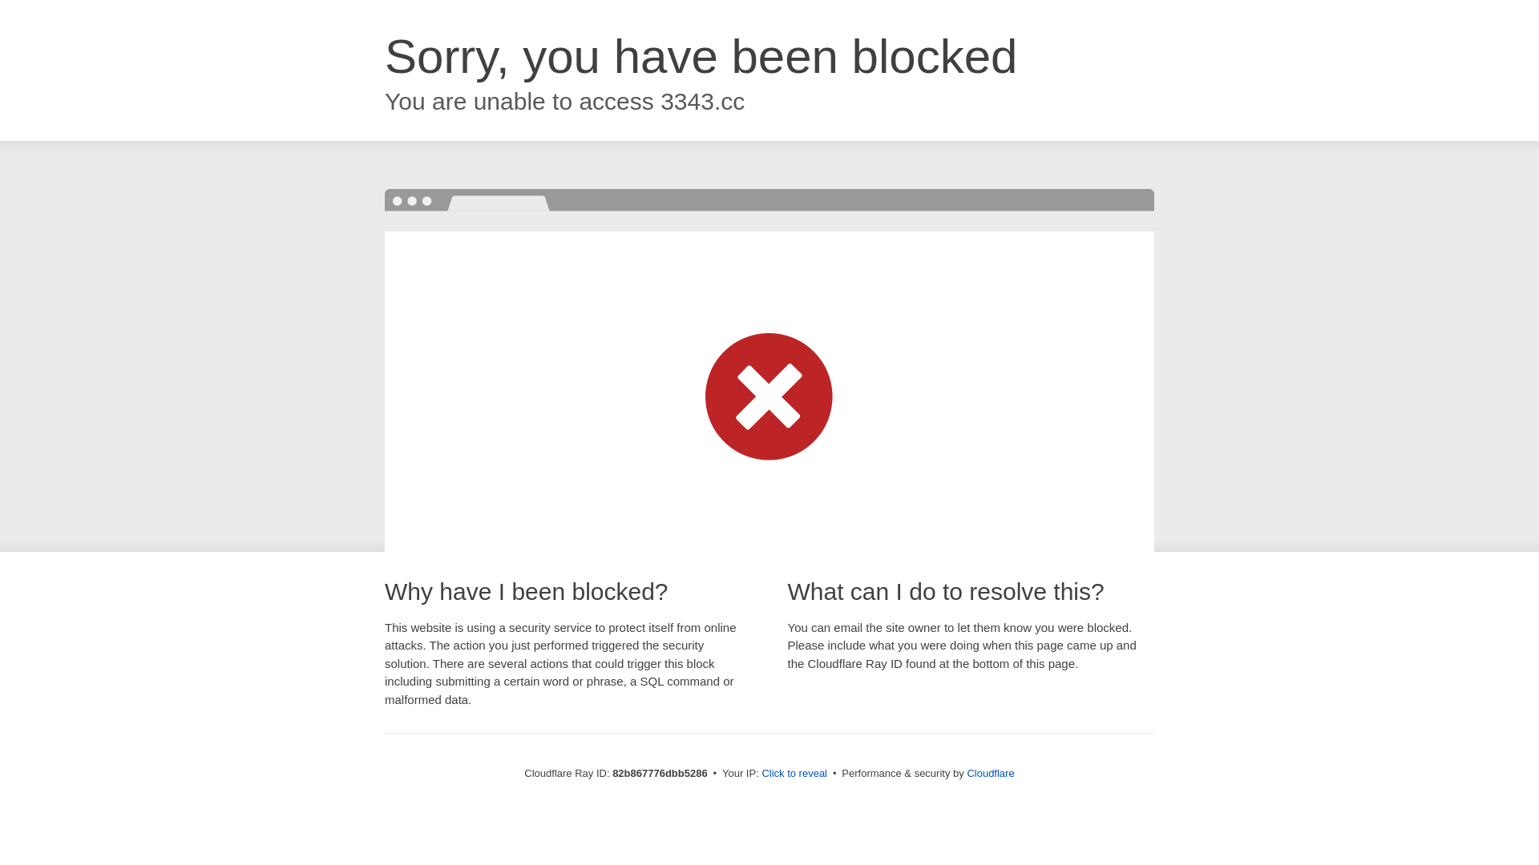 The width and height of the screenshot is (1539, 865). I want to click on 'Cloudflare', so click(989, 772).